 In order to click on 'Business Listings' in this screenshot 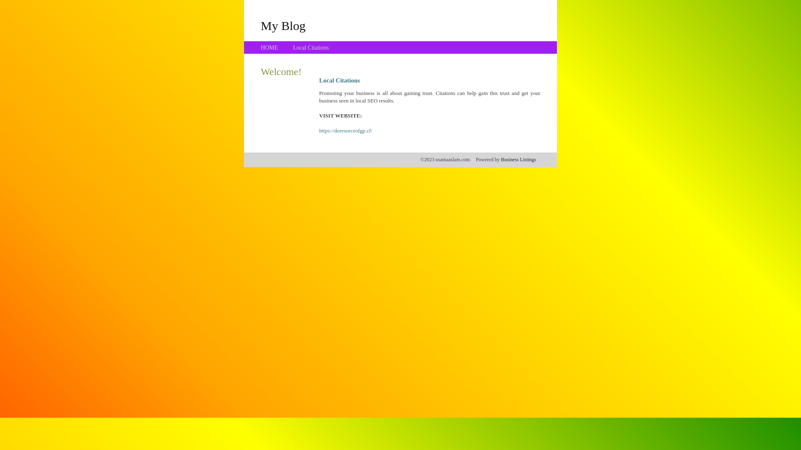, I will do `click(501, 159)`.